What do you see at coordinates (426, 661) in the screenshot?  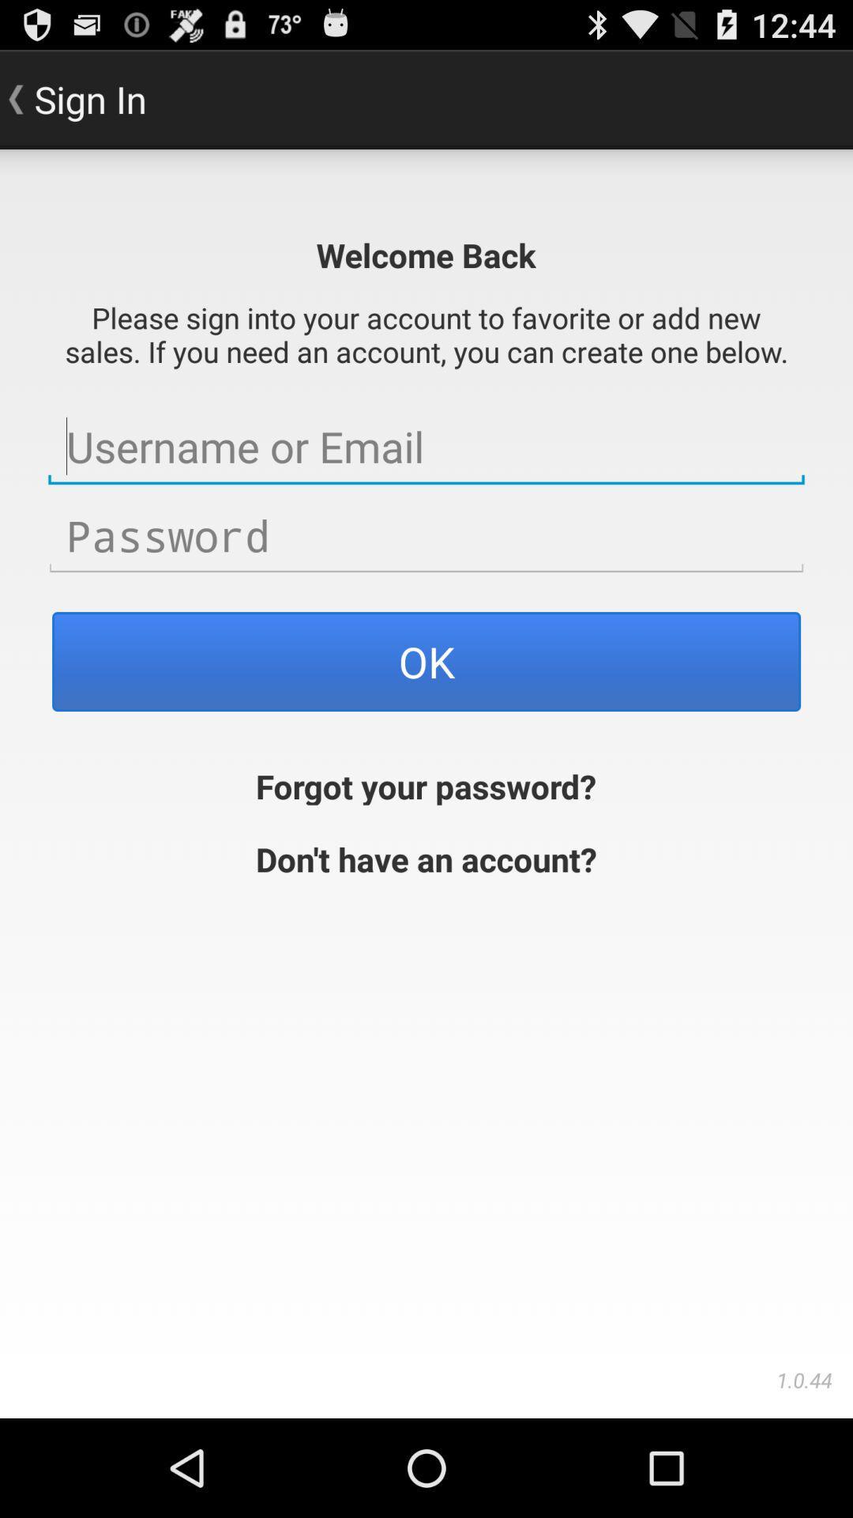 I see `ok` at bounding box center [426, 661].